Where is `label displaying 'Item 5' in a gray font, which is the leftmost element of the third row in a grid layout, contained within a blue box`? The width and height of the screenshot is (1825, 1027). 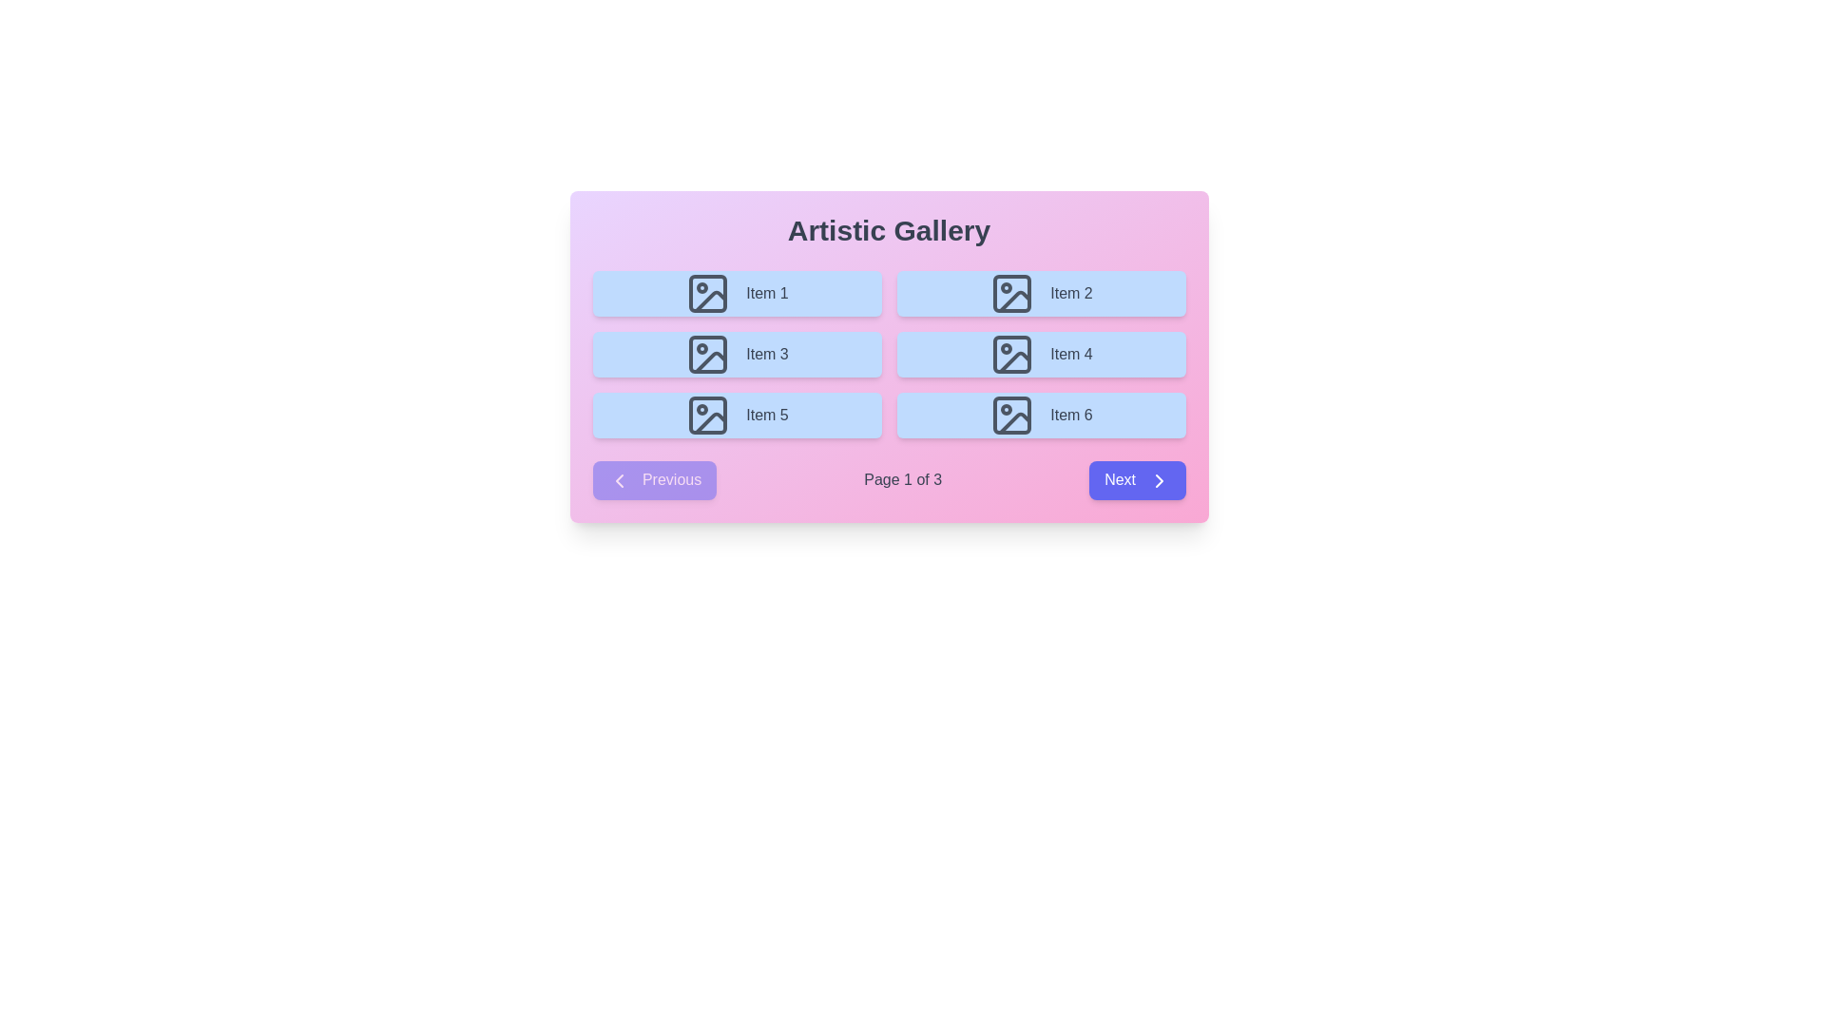
label displaying 'Item 5' in a gray font, which is the leftmost element of the third row in a grid layout, contained within a blue box is located at coordinates (767, 414).